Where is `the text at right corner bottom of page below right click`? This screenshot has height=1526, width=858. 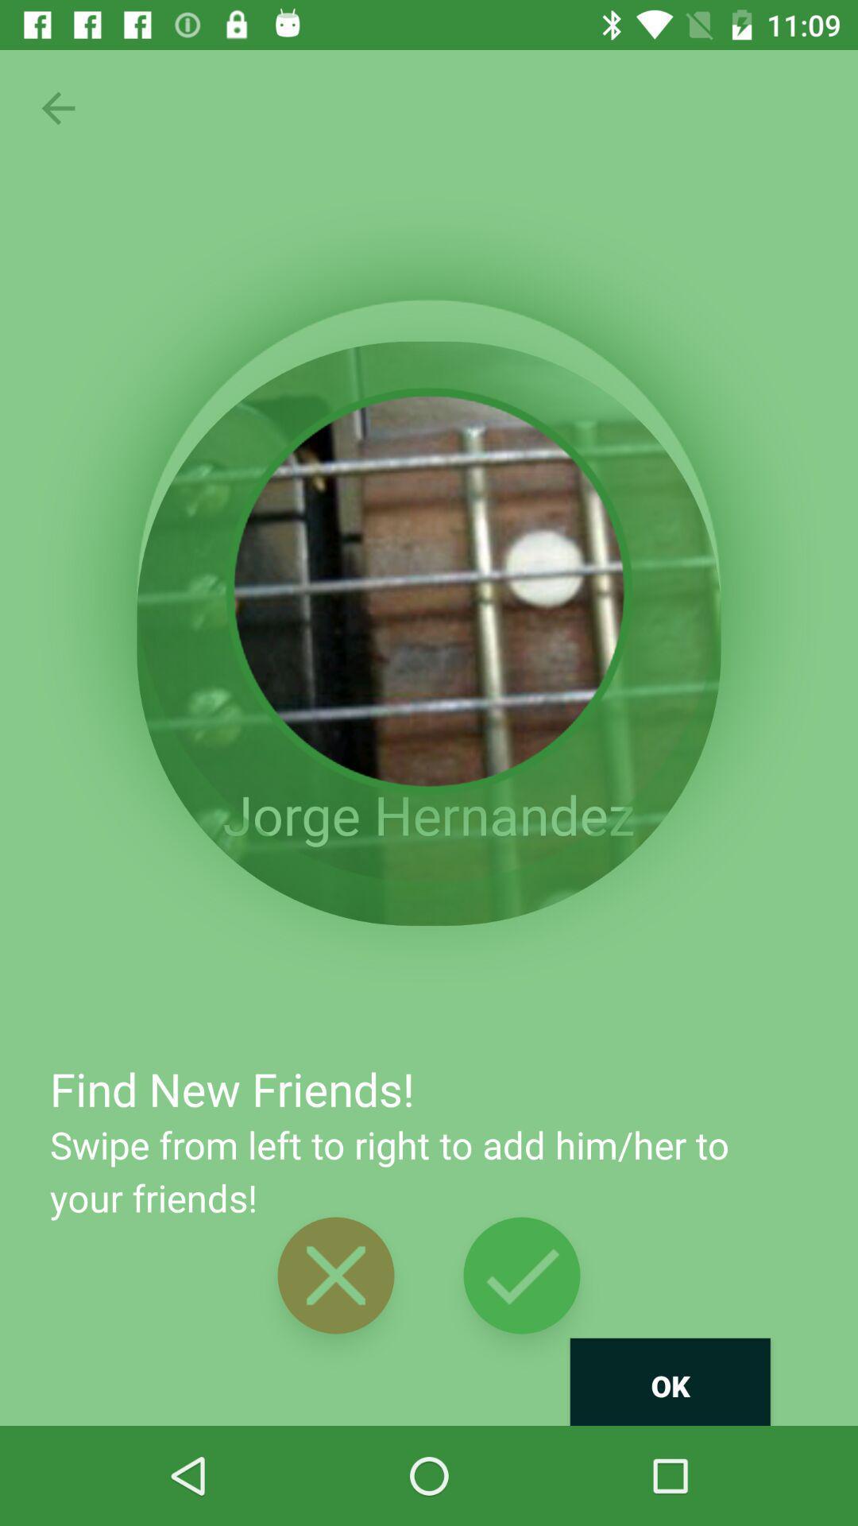 the text at right corner bottom of page below right click is located at coordinates (671, 1388).